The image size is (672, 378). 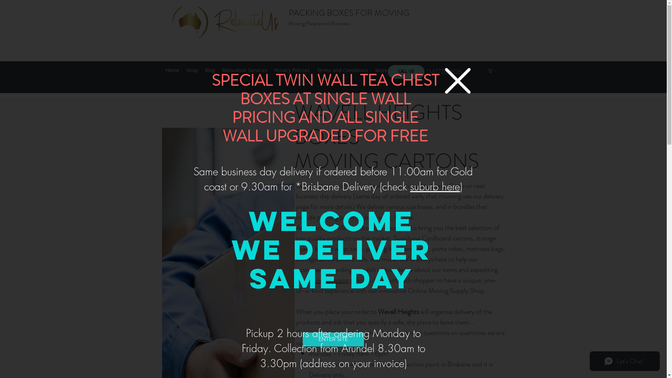 I want to click on 'Back to site', so click(x=457, y=80).